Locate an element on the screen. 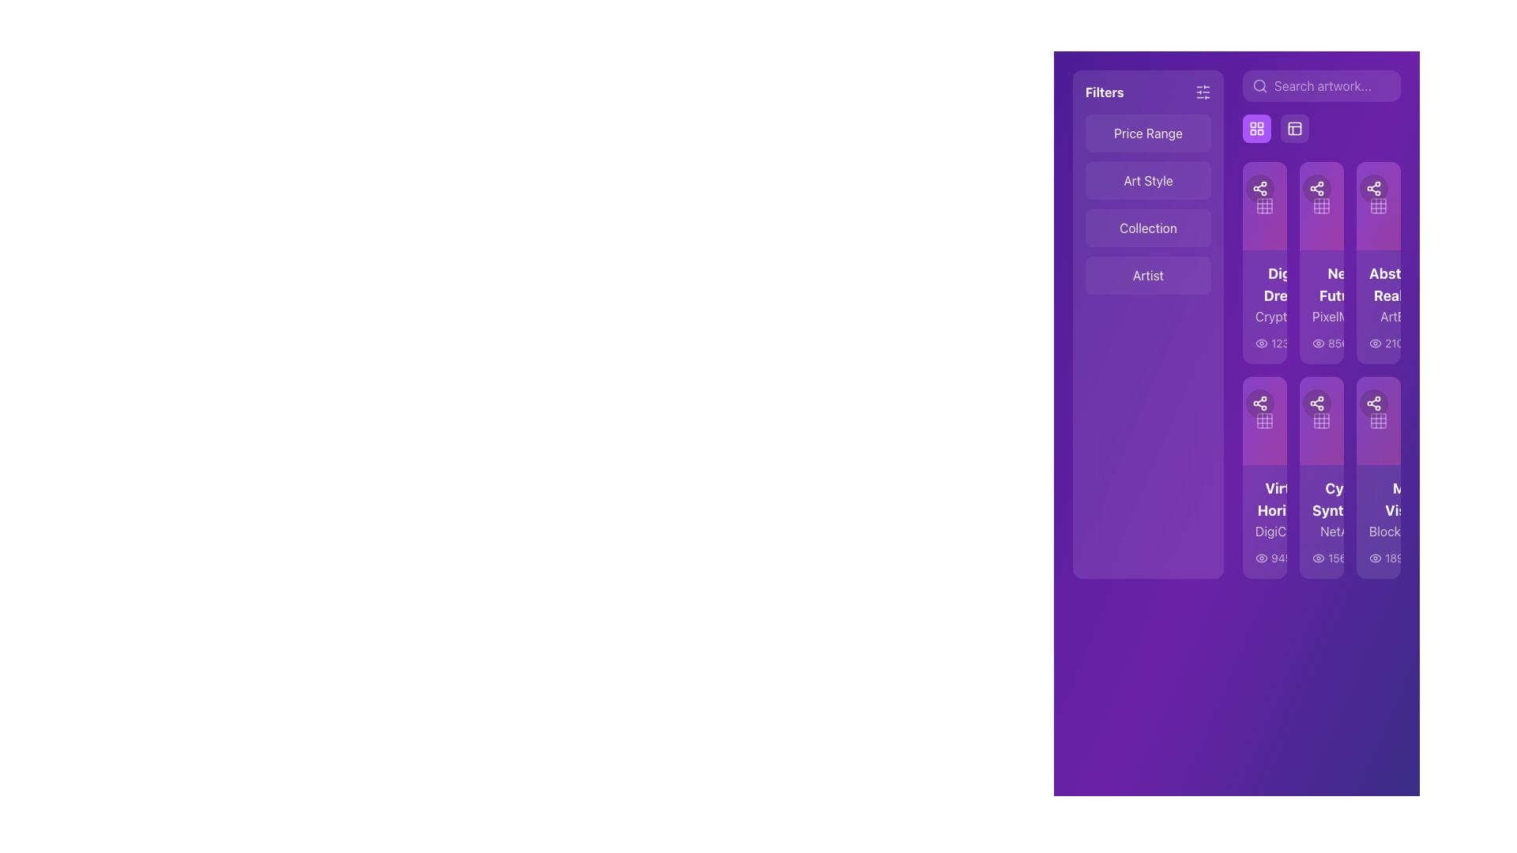  the circular share button with a white icon of three dots connected by lines, located in the top-right corner of the card is located at coordinates (1372, 402).